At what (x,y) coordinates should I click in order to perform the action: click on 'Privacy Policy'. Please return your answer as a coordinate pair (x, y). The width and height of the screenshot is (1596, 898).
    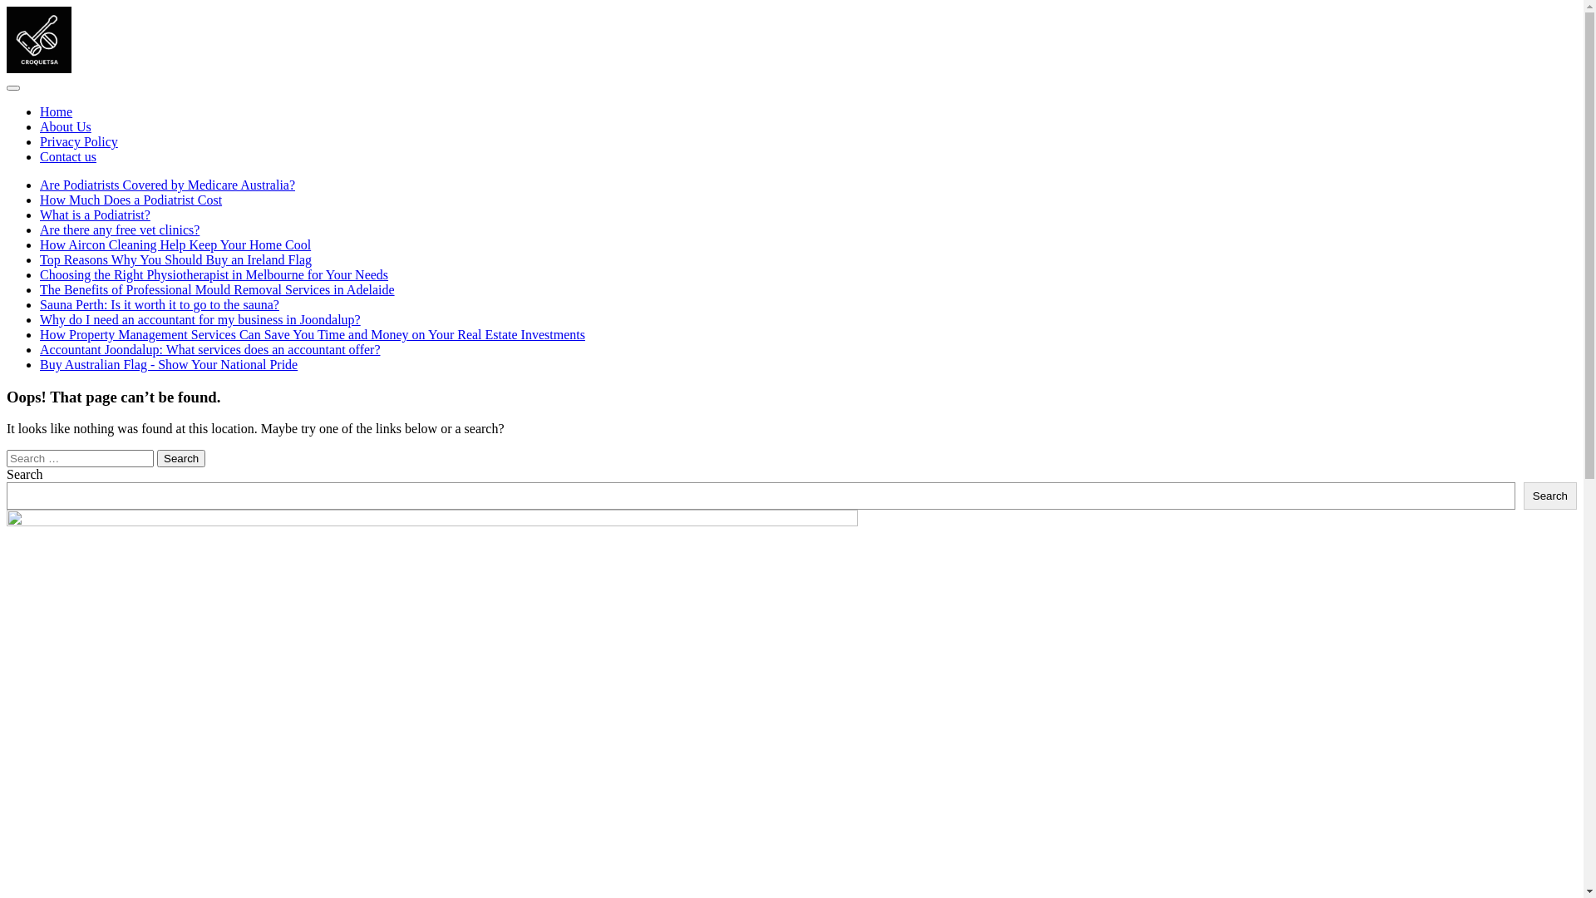
    Looking at the image, I should click on (78, 141).